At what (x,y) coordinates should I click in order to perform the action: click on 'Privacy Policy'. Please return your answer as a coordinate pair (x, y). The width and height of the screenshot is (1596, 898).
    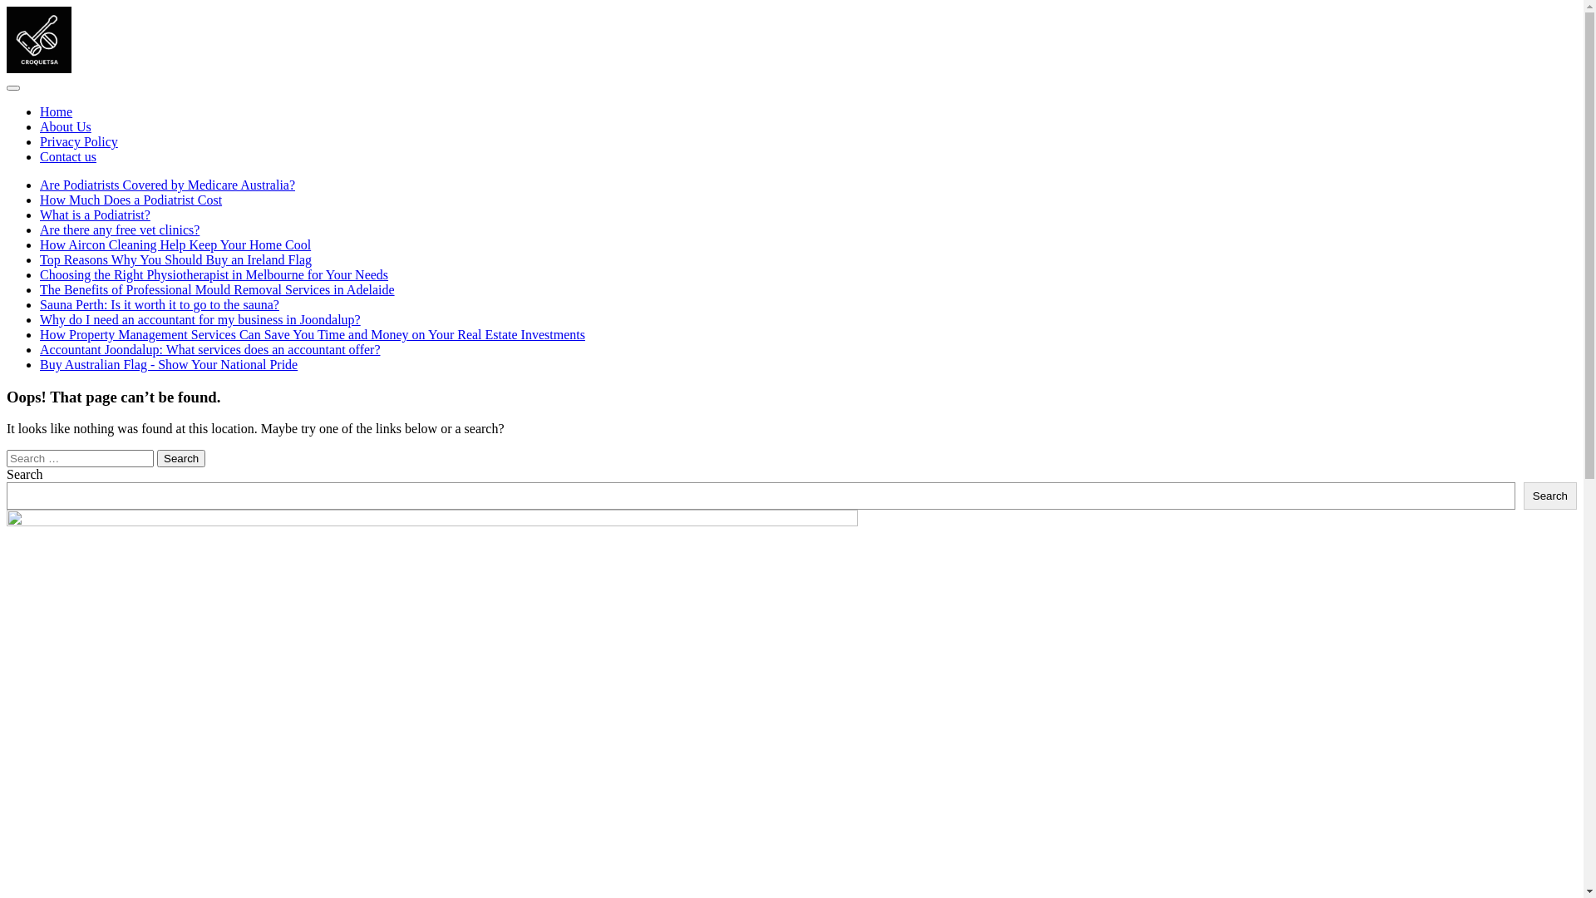
    Looking at the image, I should click on (78, 141).